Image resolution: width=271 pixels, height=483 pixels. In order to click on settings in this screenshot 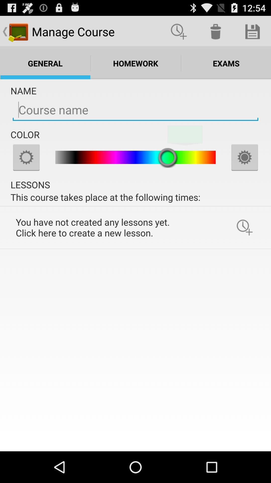, I will do `click(26, 157)`.